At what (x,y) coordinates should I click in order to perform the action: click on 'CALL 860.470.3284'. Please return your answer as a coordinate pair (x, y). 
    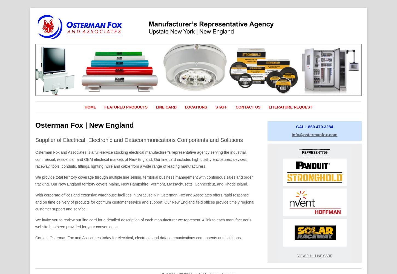
    Looking at the image, I should click on (314, 126).